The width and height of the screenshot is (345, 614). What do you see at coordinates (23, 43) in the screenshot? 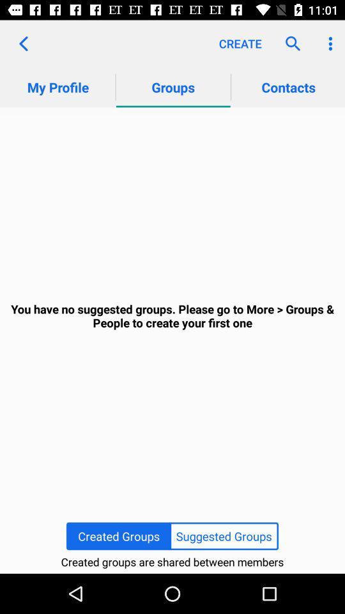
I see `the item next to the groups` at bounding box center [23, 43].